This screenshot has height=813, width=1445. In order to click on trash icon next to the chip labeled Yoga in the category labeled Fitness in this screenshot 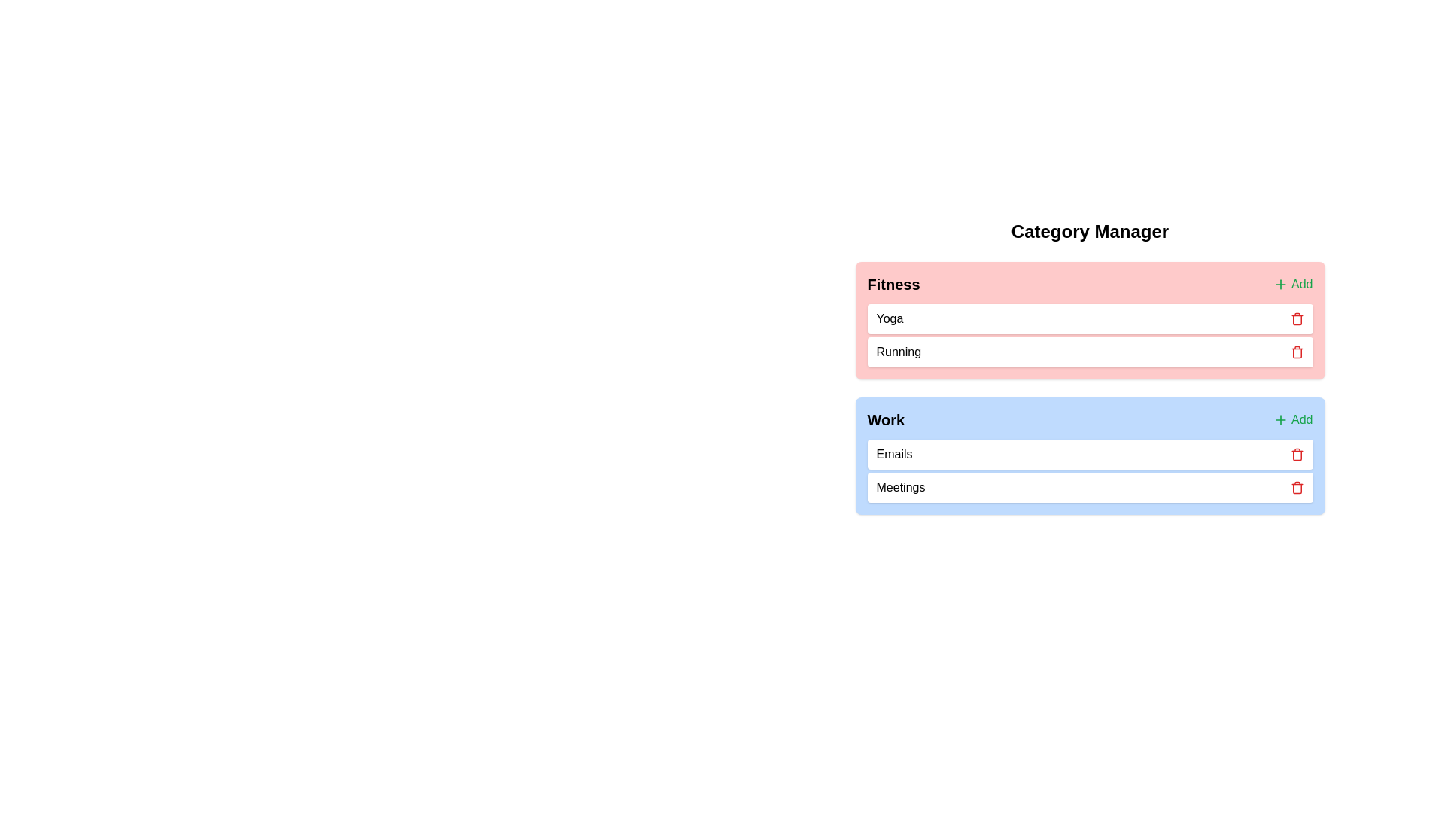, I will do `click(1296, 318)`.